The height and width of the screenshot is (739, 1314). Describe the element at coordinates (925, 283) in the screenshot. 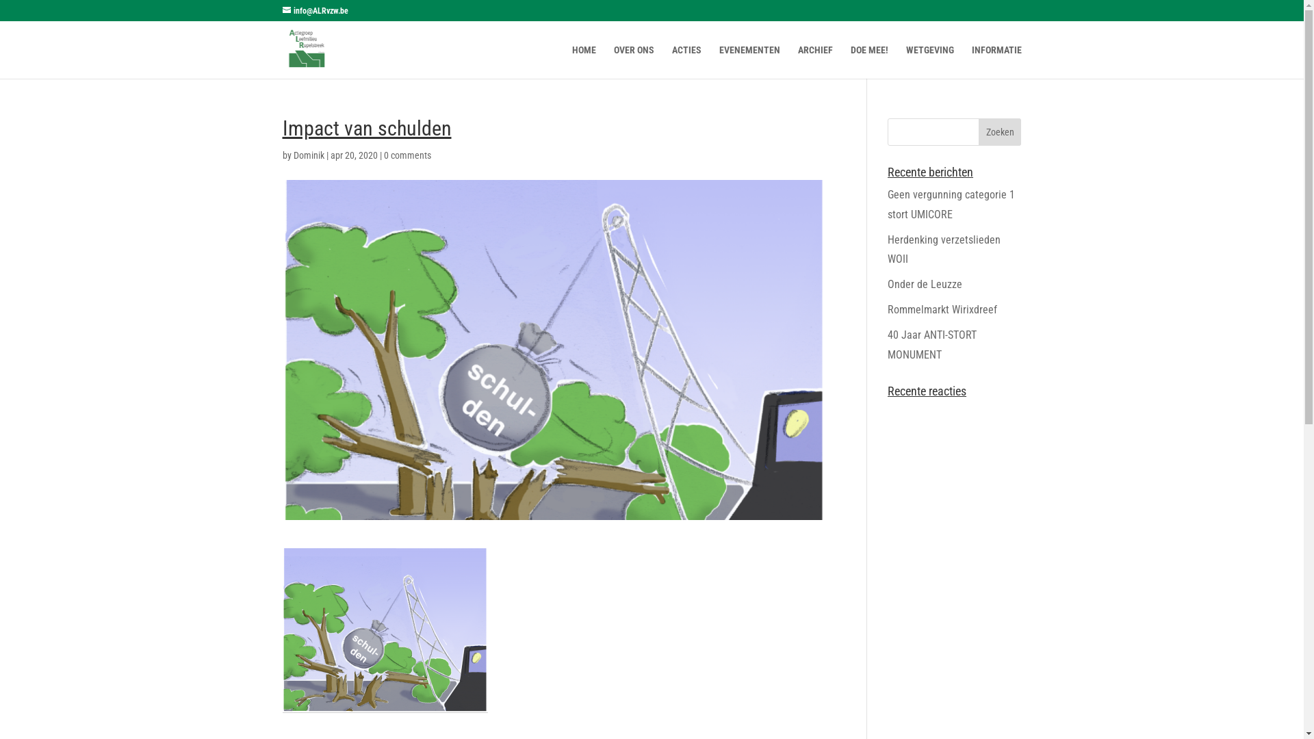

I see `'Onder de Leuzze'` at that location.